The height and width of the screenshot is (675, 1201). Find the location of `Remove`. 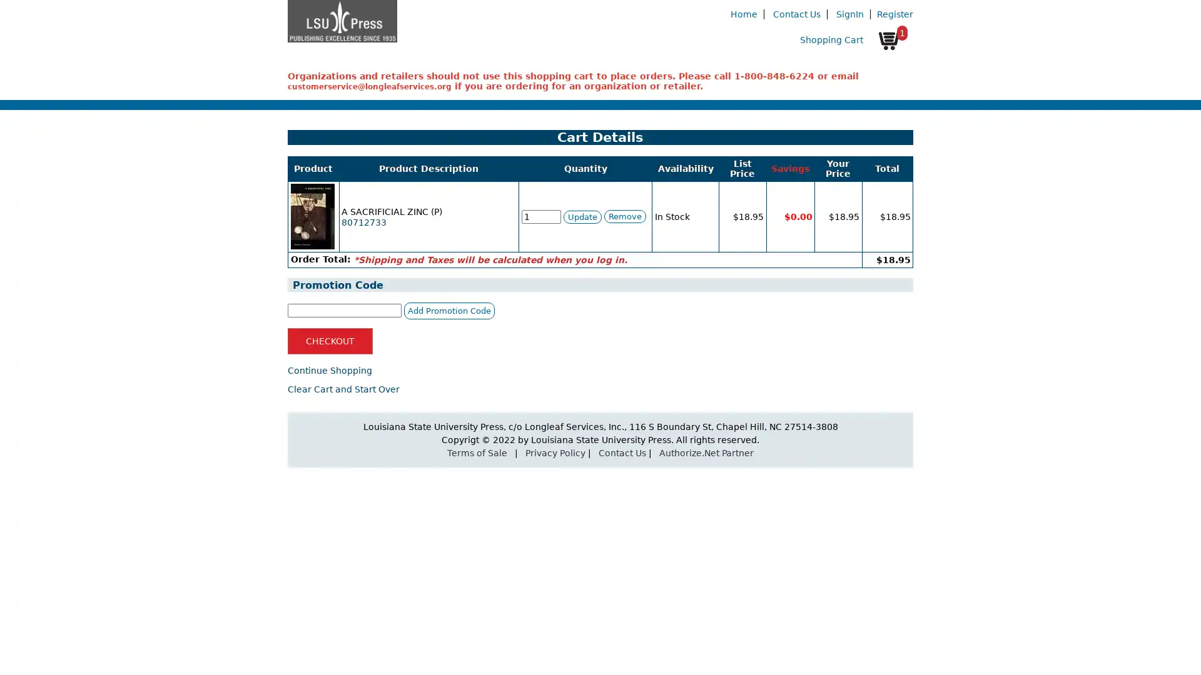

Remove is located at coordinates (624, 216).